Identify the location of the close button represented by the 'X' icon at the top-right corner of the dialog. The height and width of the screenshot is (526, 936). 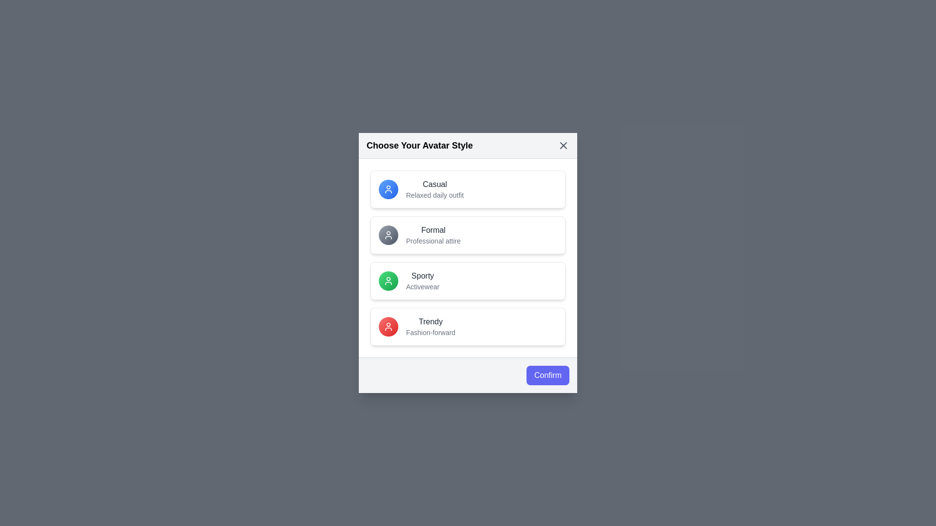
(564, 146).